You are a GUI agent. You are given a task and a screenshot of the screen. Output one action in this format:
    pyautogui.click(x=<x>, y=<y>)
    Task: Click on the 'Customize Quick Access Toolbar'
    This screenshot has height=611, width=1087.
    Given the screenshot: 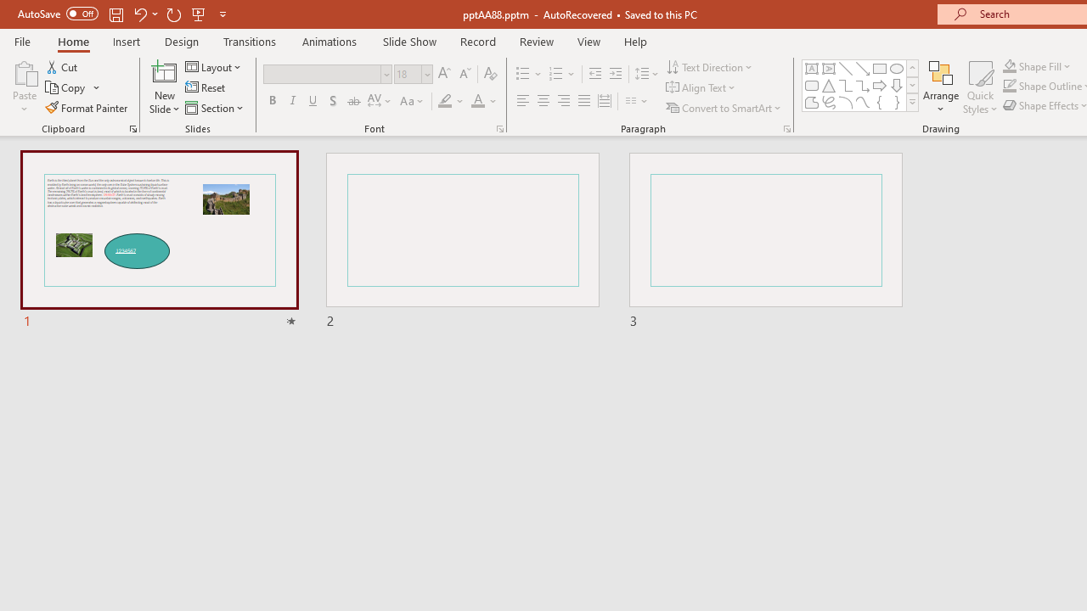 What is the action you would take?
    pyautogui.click(x=222, y=14)
    